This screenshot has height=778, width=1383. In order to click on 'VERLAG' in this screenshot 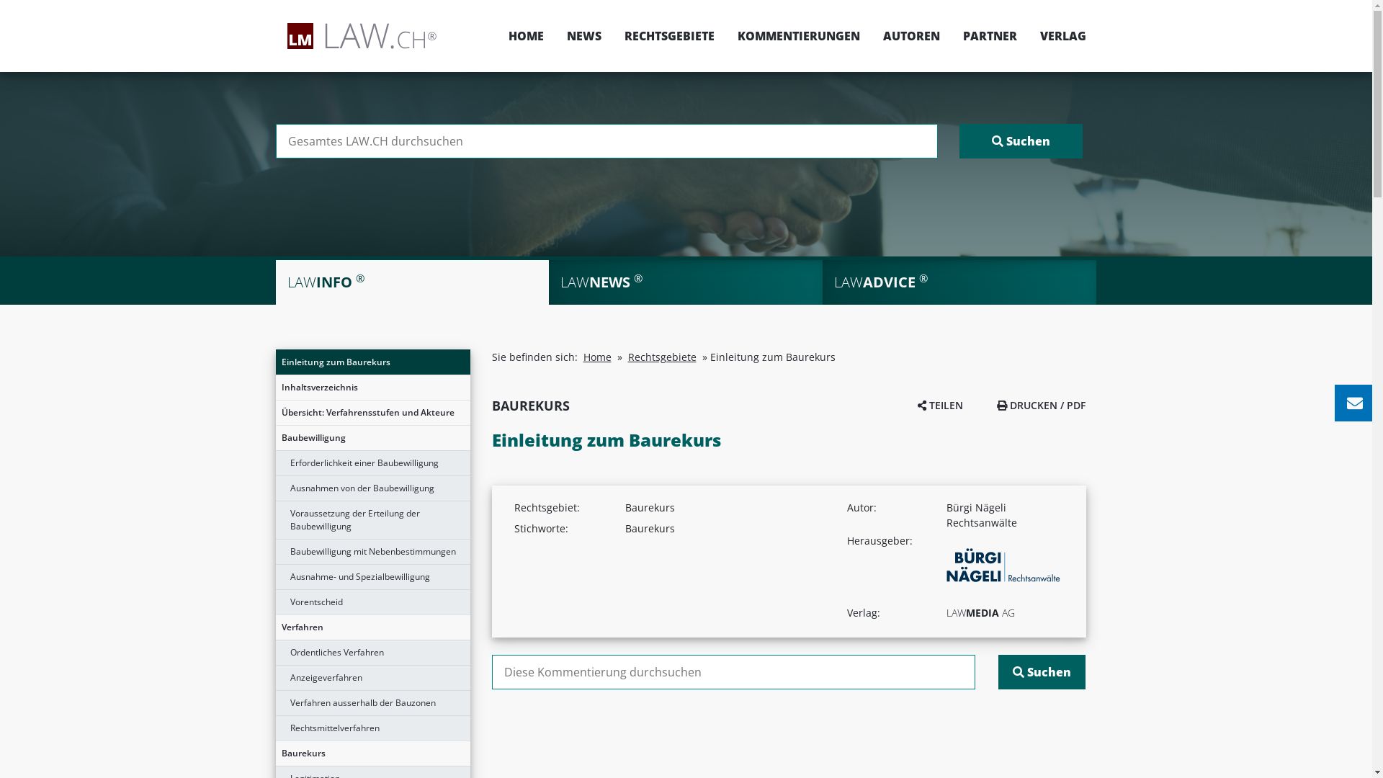, I will do `click(1028, 35)`.